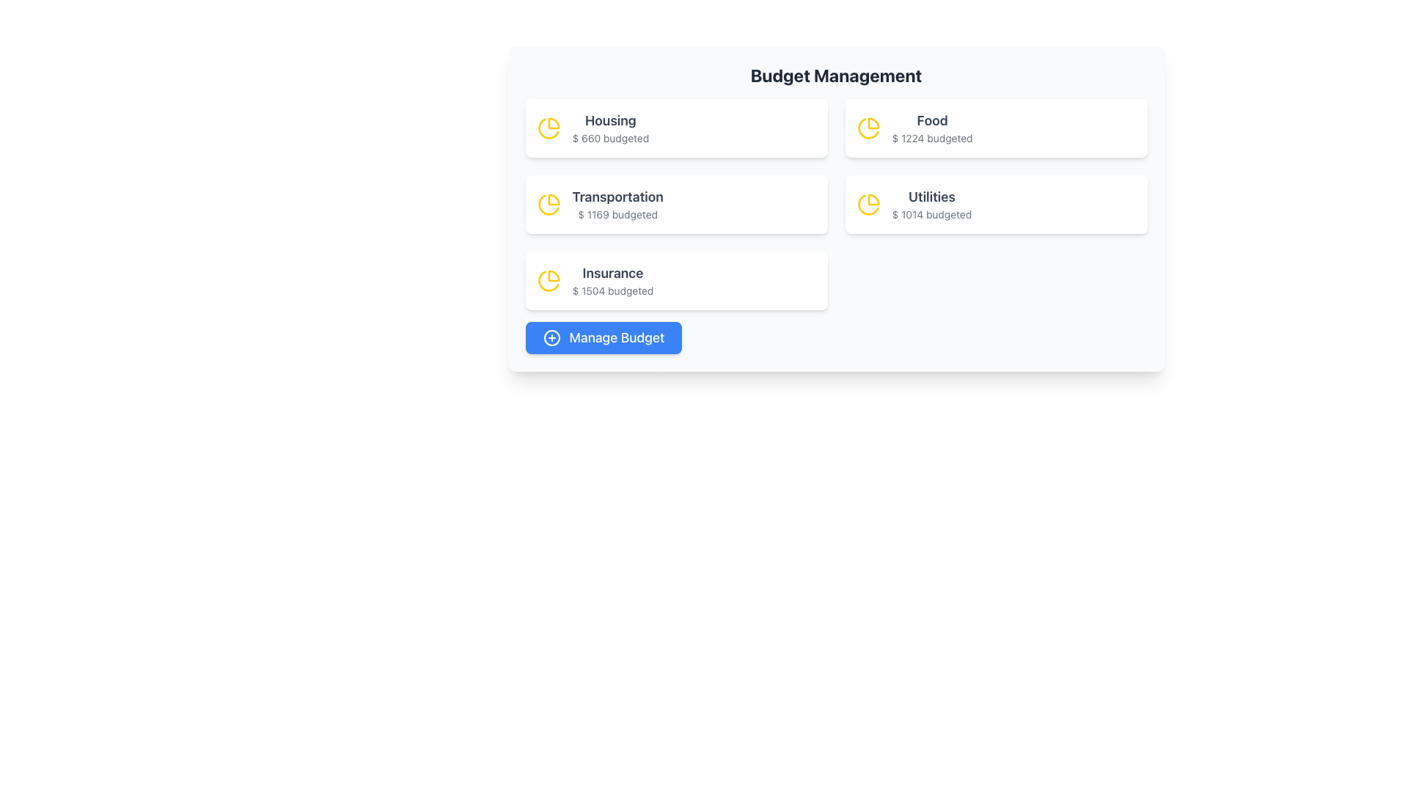 The width and height of the screenshot is (1408, 792). Describe the element at coordinates (548, 280) in the screenshot. I see `the 'Insurance' icon located in the 'Budget Management' interface, positioned to the left of the text 'Insurance' and above the budget amount` at that location.